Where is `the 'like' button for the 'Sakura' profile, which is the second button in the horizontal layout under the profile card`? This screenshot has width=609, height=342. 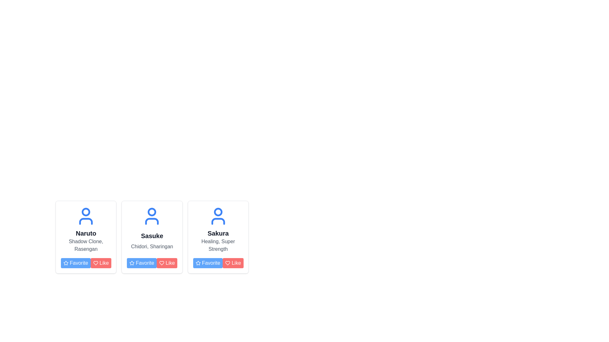 the 'like' button for the 'Sakura' profile, which is the second button in the horizontal layout under the profile card is located at coordinates (232, 263).